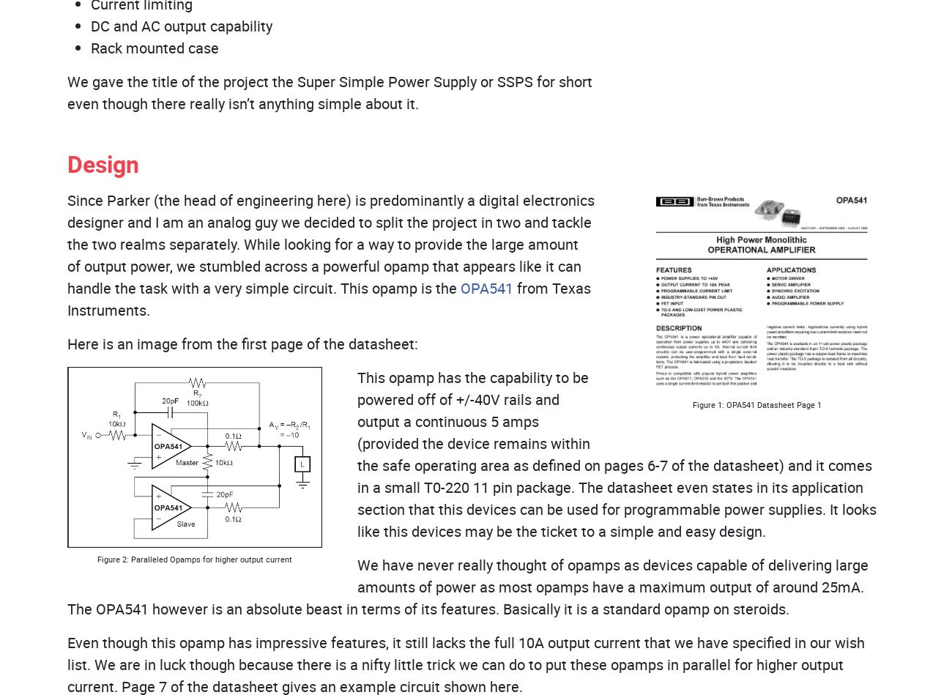  Describe the element at coordinates (76, 576) in the screenshot. I see `'Take advantage of AI-enabled sourcing opportunities and employ expert teams who are connected through a user-friendly technology platform. Discover how streamlined electronics manufacturing can benefit your business by'` at that location.